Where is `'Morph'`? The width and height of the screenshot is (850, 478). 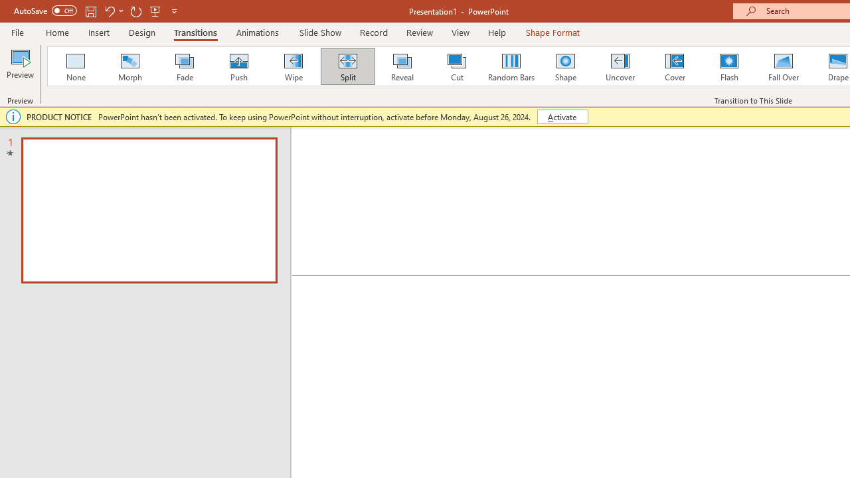 'Morph' is located at coordinates (129, 66).